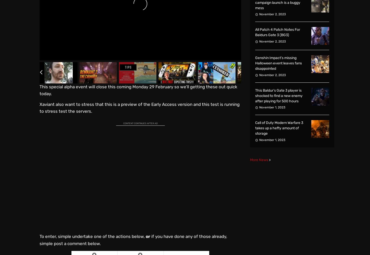 The height and width of the screenshot is (255, 370). I want to click on '>', so click(269, 160).